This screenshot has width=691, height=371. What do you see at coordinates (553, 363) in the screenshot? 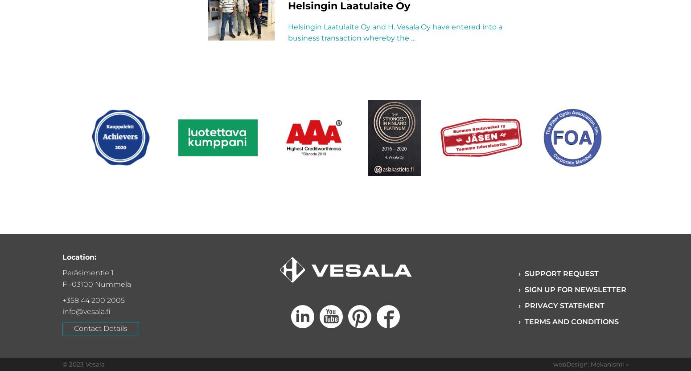
I see `'webDesign:'` at bounding box center [553, 363].